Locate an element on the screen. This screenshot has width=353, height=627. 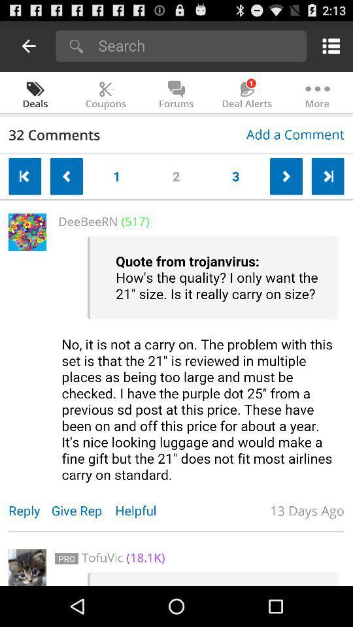
the previous button is located at coordinates (25, 176).